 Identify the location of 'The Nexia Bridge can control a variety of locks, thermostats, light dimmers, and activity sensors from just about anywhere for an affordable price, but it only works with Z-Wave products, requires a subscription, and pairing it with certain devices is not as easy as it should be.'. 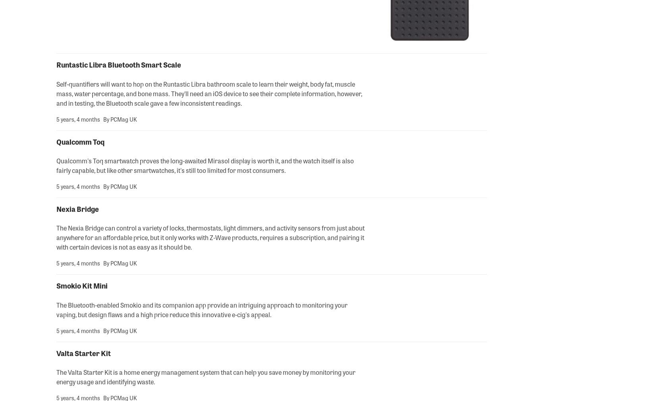
(210, 237).